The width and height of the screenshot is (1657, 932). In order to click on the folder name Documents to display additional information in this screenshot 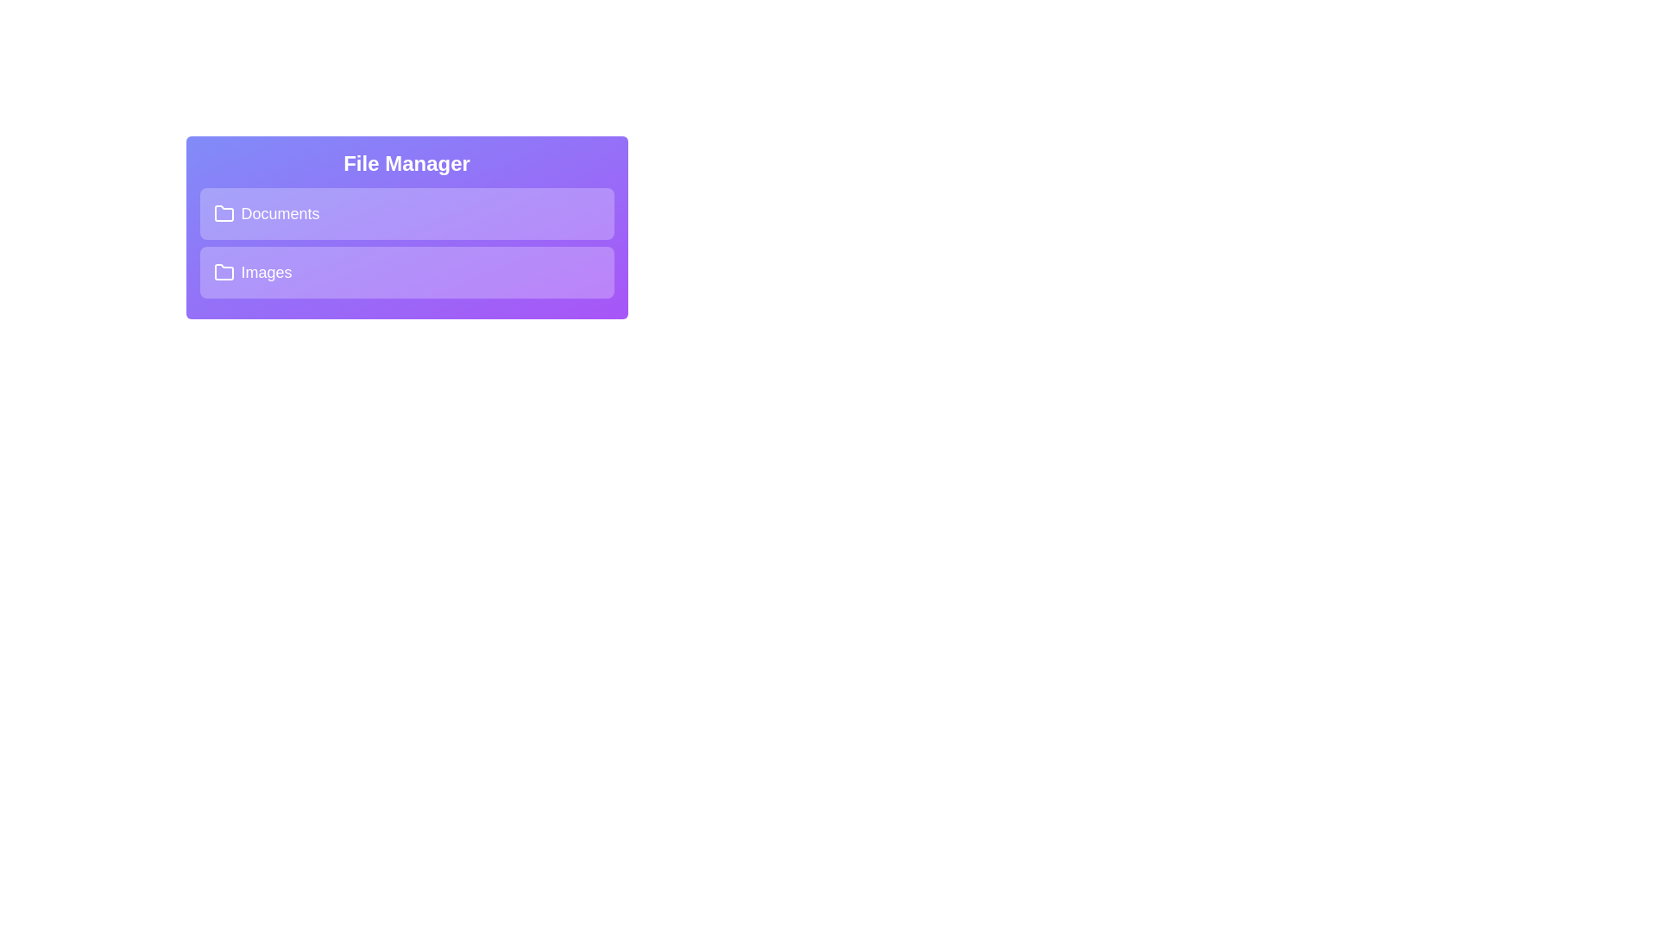, I will do `click(406, 212)`.